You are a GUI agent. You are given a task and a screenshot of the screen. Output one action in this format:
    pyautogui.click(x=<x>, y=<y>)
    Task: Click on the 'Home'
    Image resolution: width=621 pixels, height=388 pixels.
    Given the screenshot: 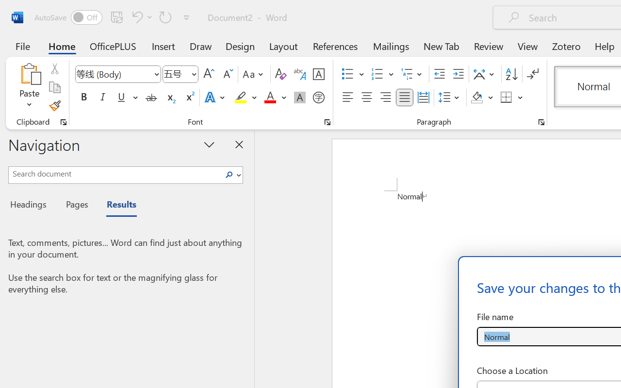 What is the action you would take?
    pyautogui.click(x=62, y=46)
    